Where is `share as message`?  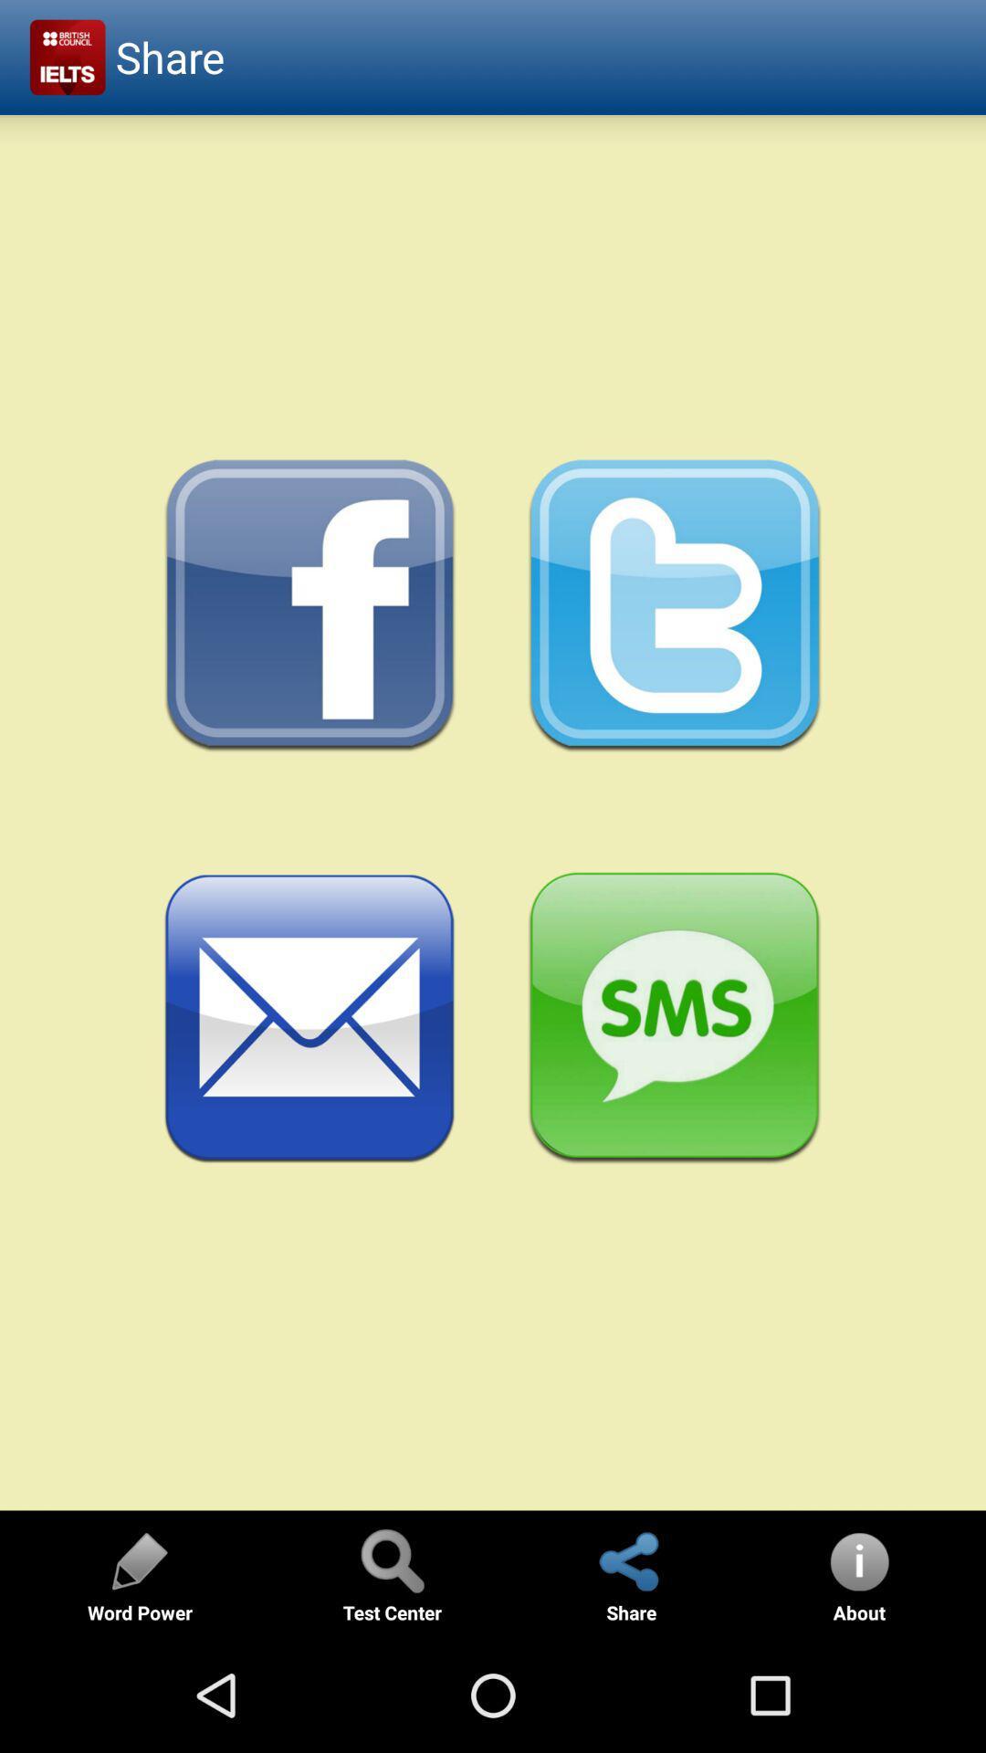
share as message is located at coordinates (675, 1018).